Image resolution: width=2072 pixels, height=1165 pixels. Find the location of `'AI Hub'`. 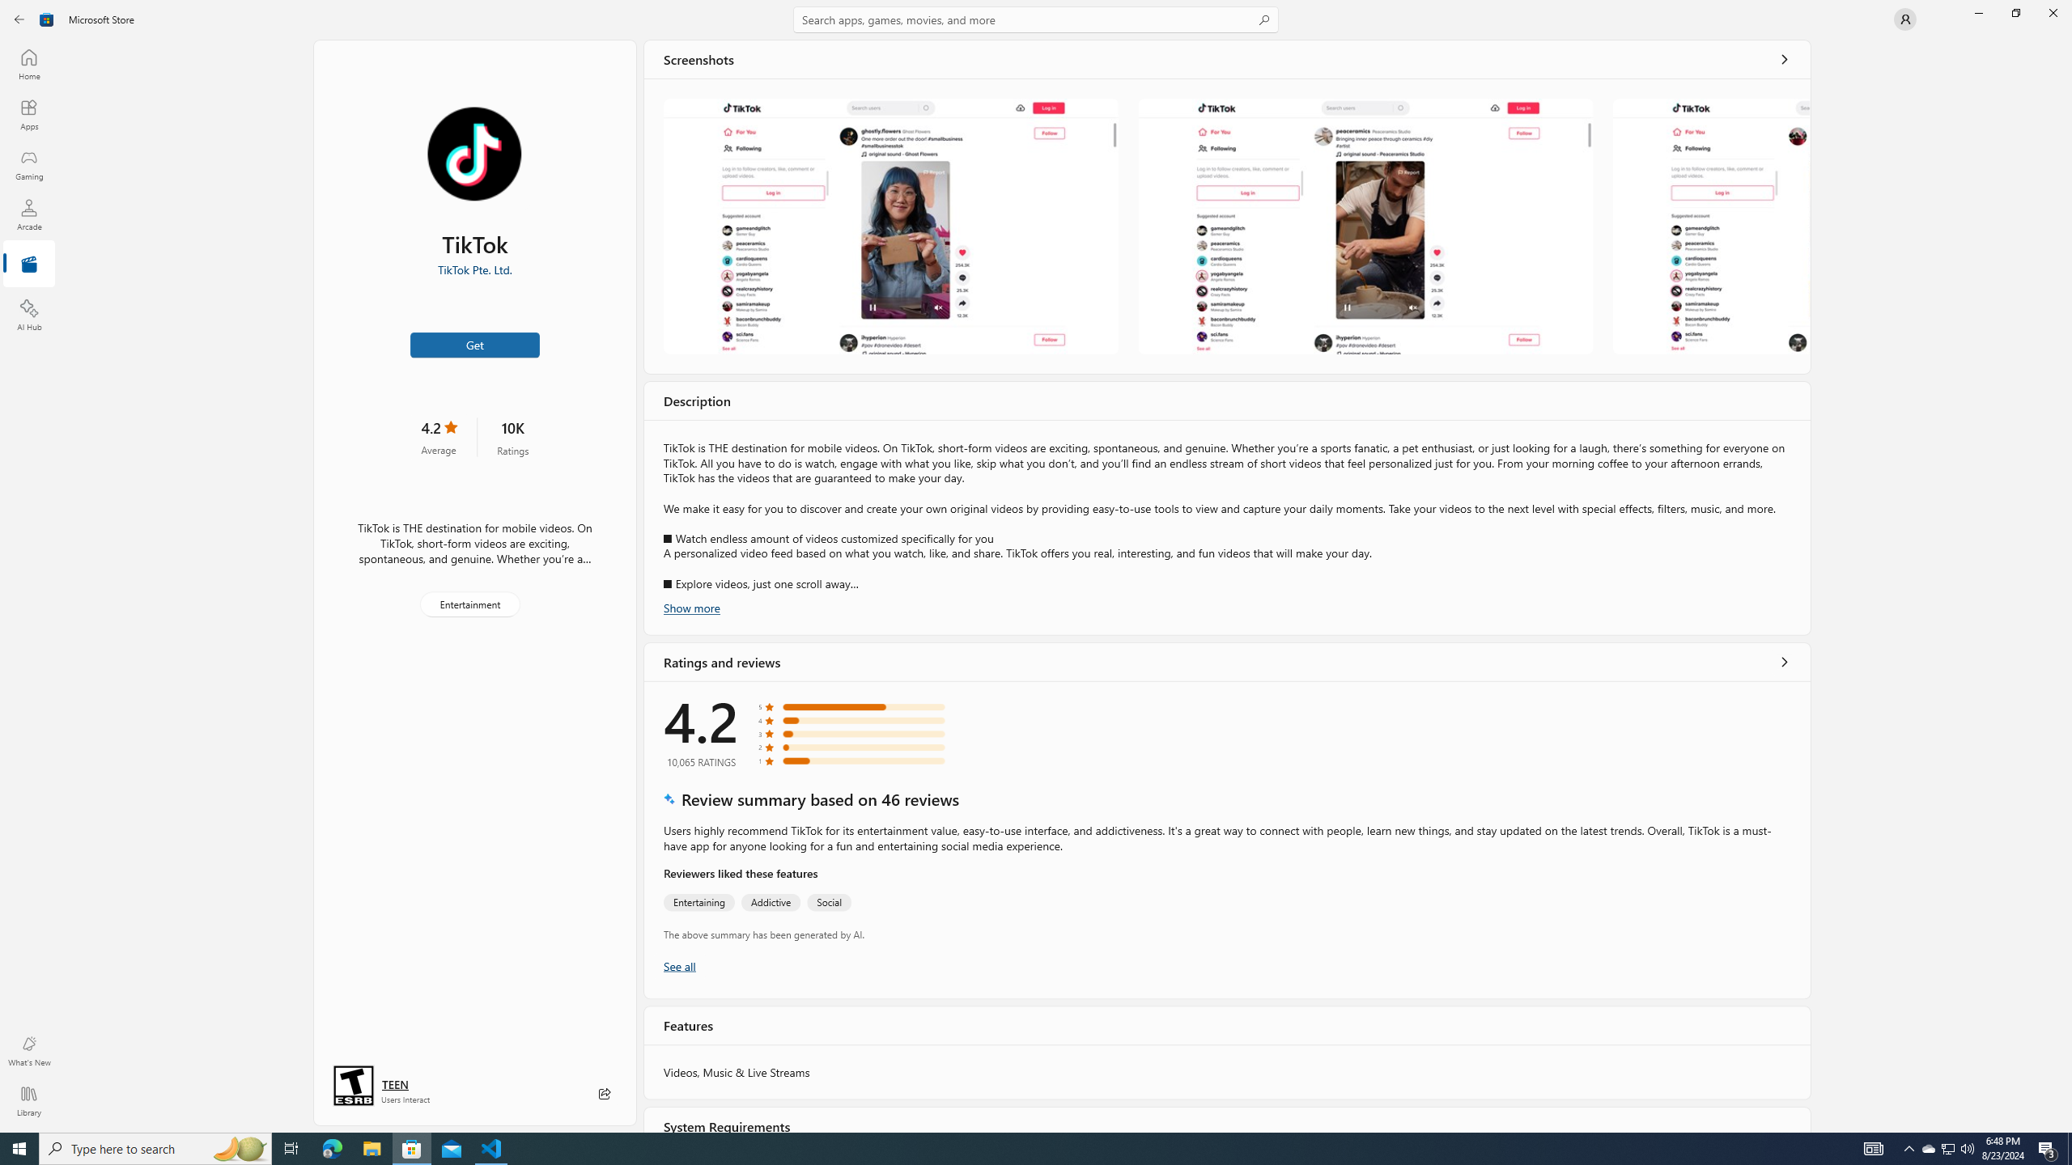

'AI Hub' is located at coordinates (28, 314).